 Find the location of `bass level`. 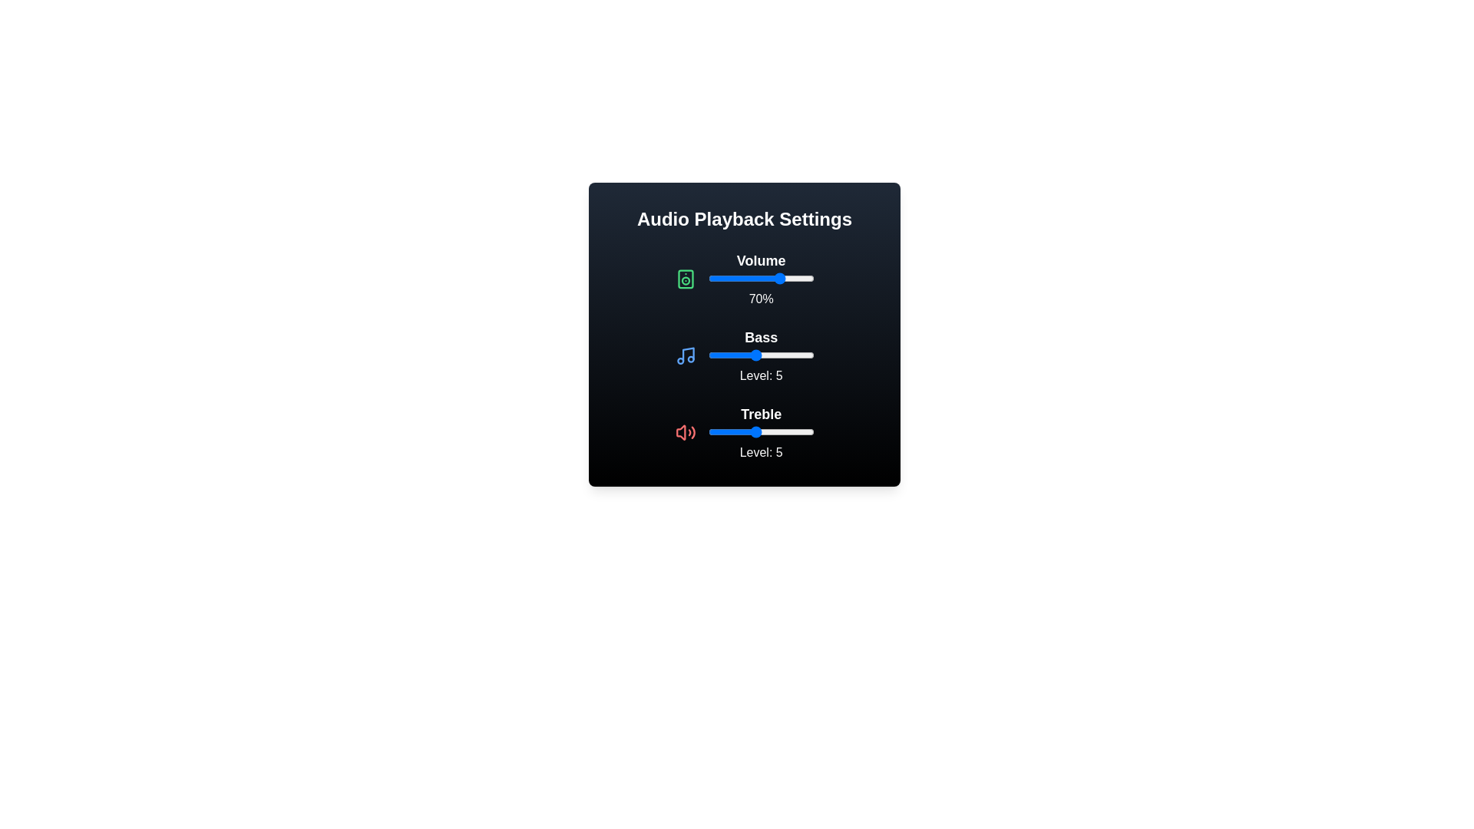

bass level is located at coordinates (707, 355).